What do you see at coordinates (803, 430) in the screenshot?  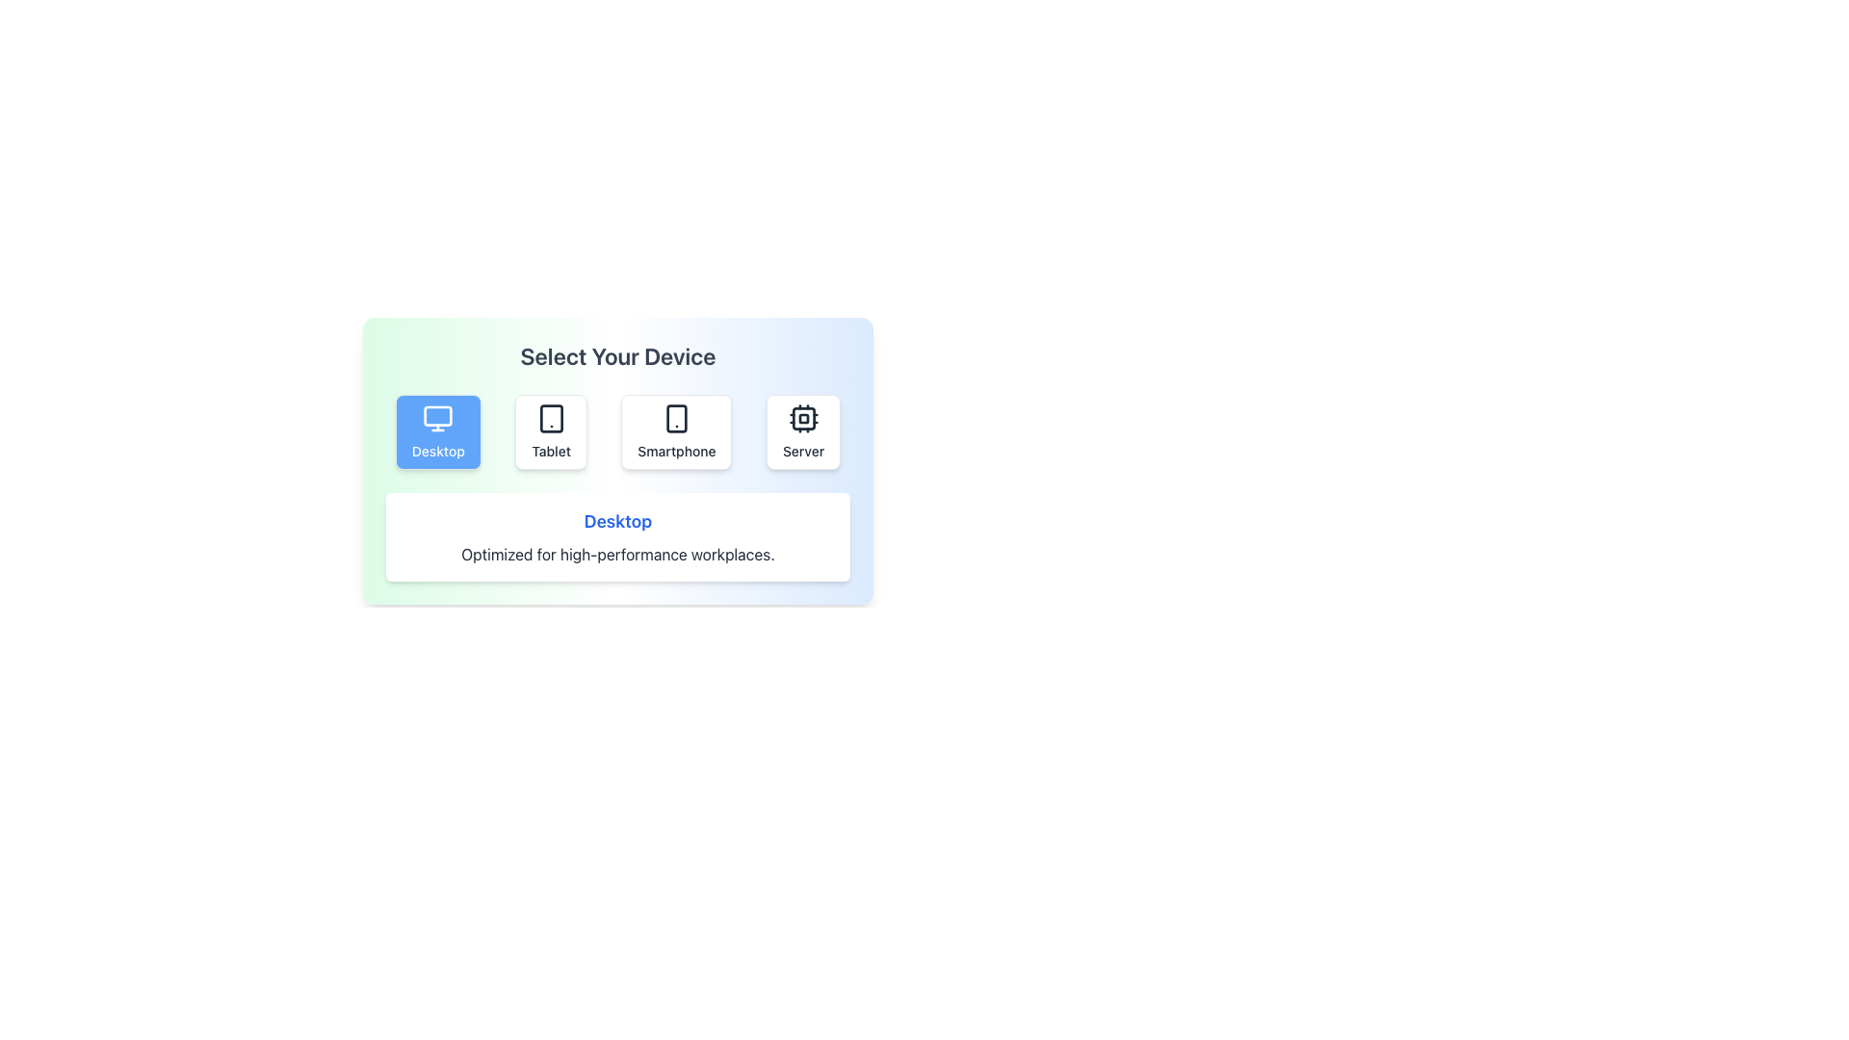 I see `the fourth button labeled 'Server' with a CPU icon` at bounding box center [803, 430].